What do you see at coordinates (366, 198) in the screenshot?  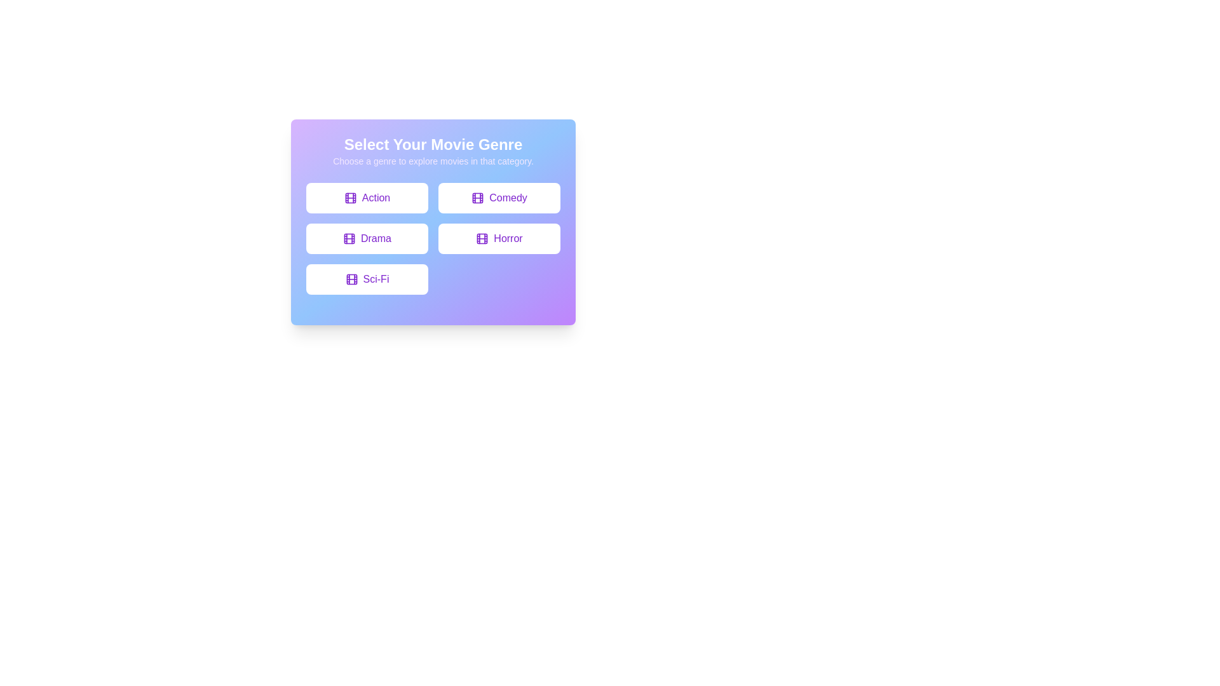 I see `the button corresponding to the genre Action` at bounding box center [366, 198].